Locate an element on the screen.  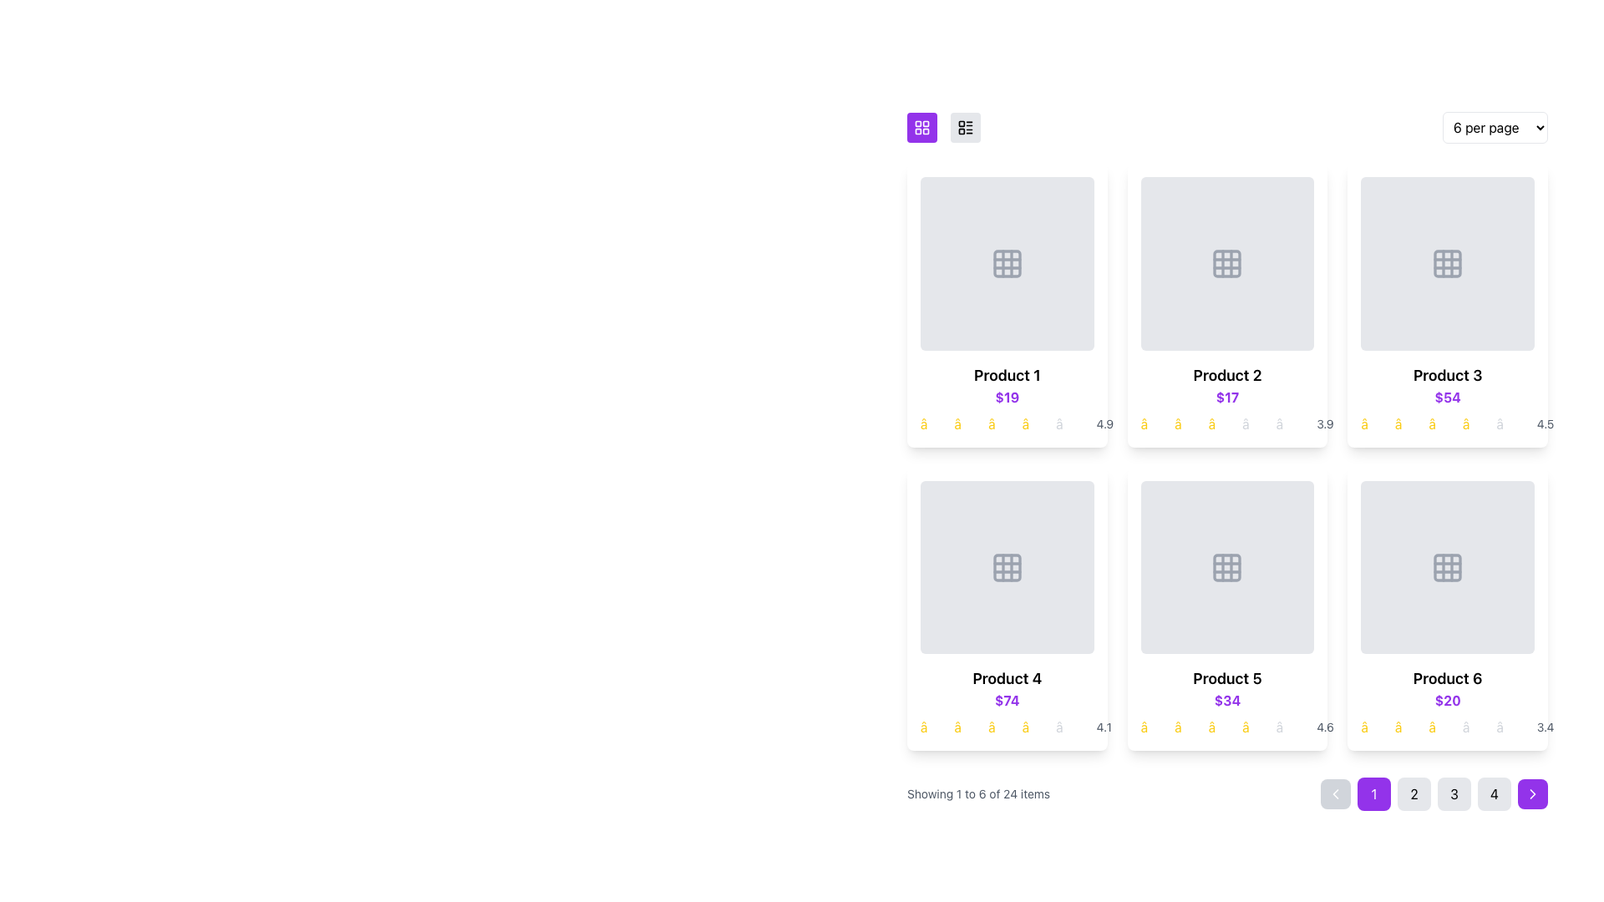
the rating display for 'Product 5', which shows four highlighted stars and one dimmed star, indicating a rating of 4 out of 5 is located at coordinates (1225, 727).